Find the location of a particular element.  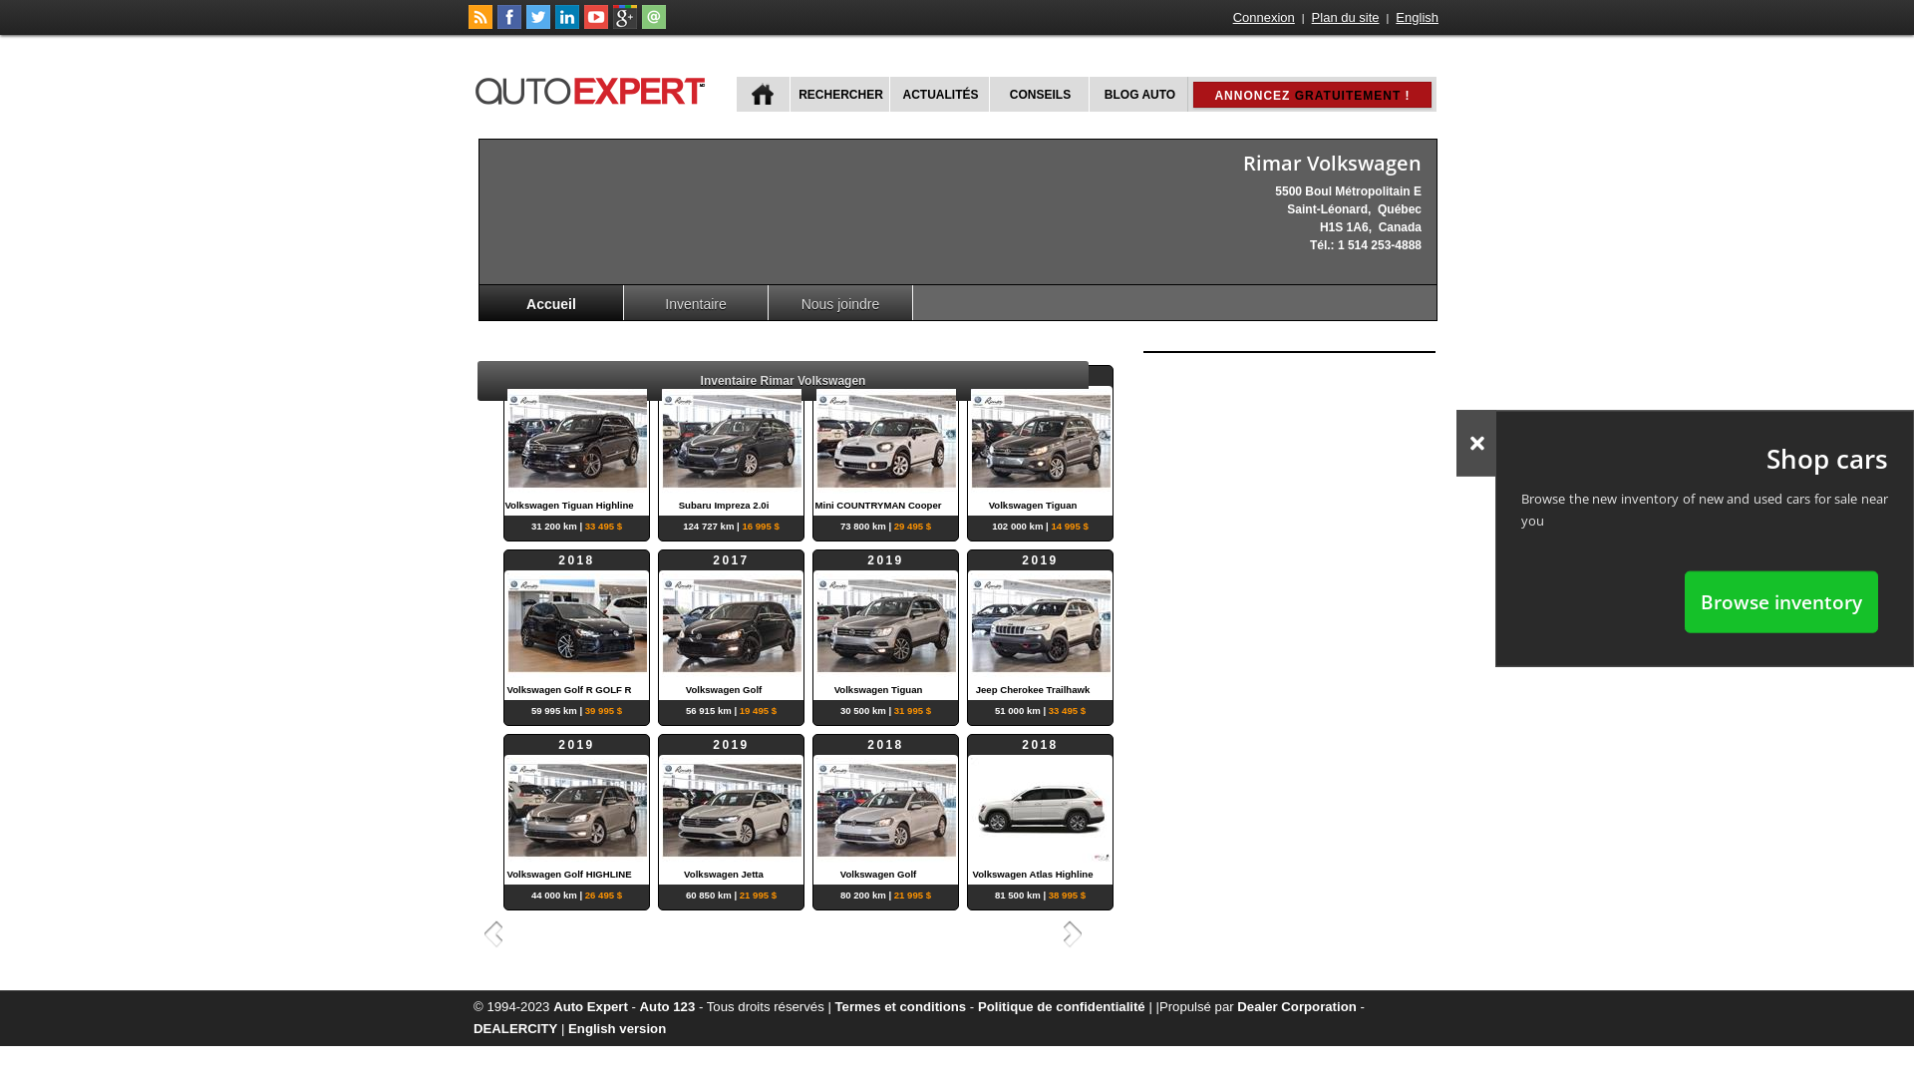

'autoExpert.ca' is located at coordinates (592, 87).